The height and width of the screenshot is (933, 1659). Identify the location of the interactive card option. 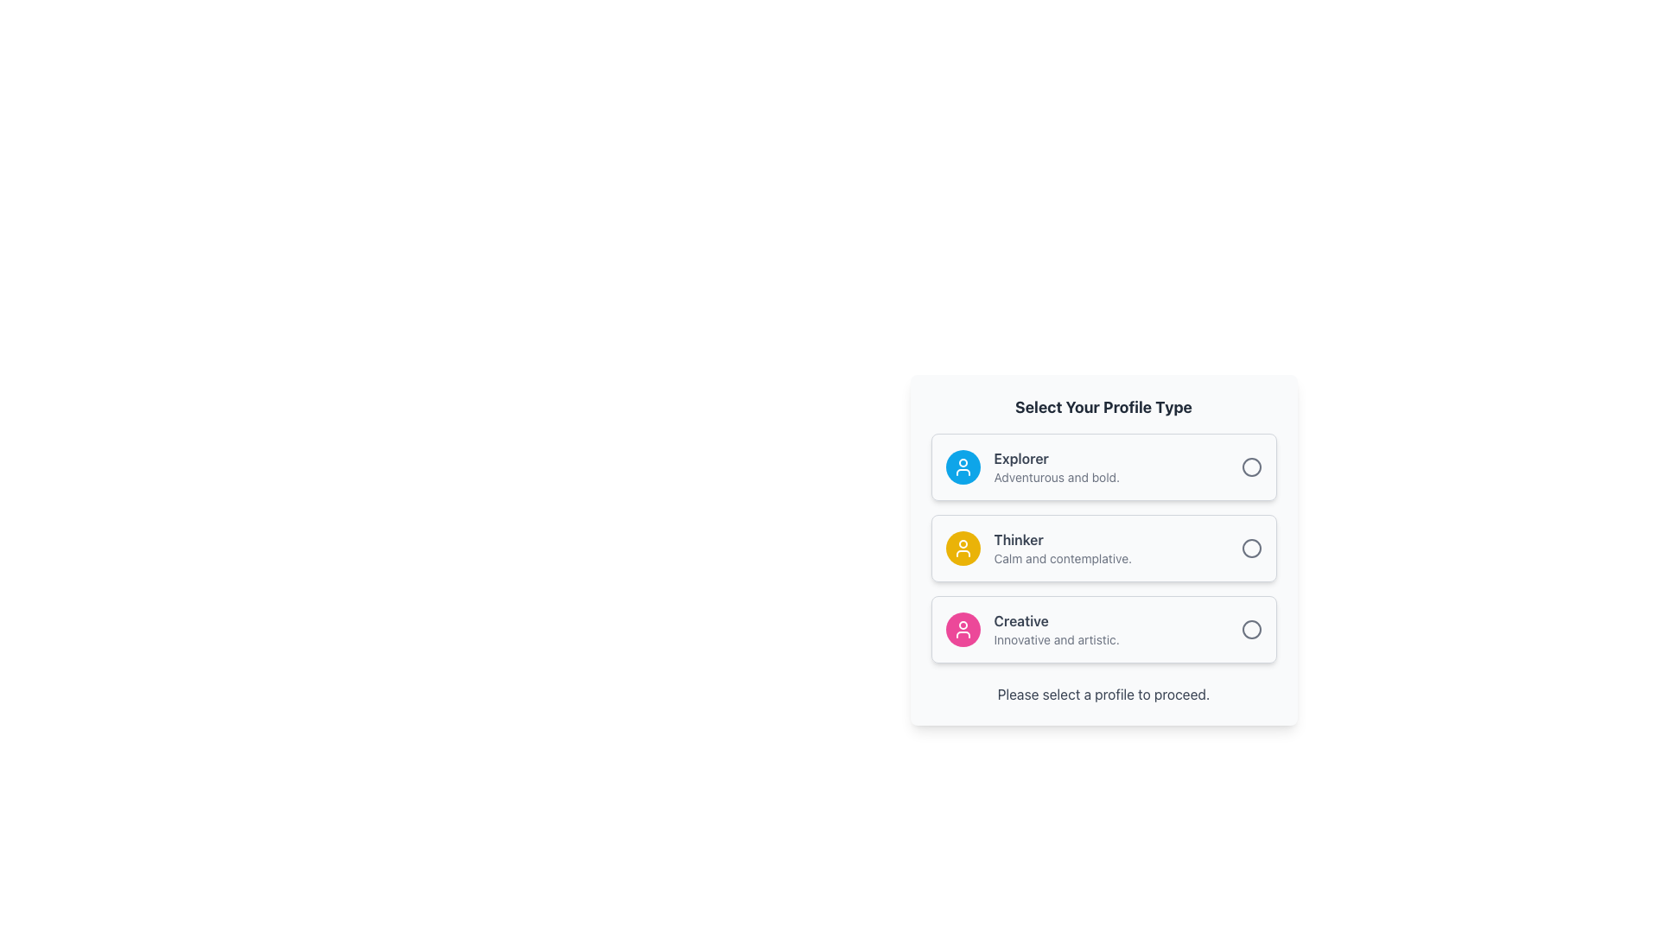
(1103, 549).